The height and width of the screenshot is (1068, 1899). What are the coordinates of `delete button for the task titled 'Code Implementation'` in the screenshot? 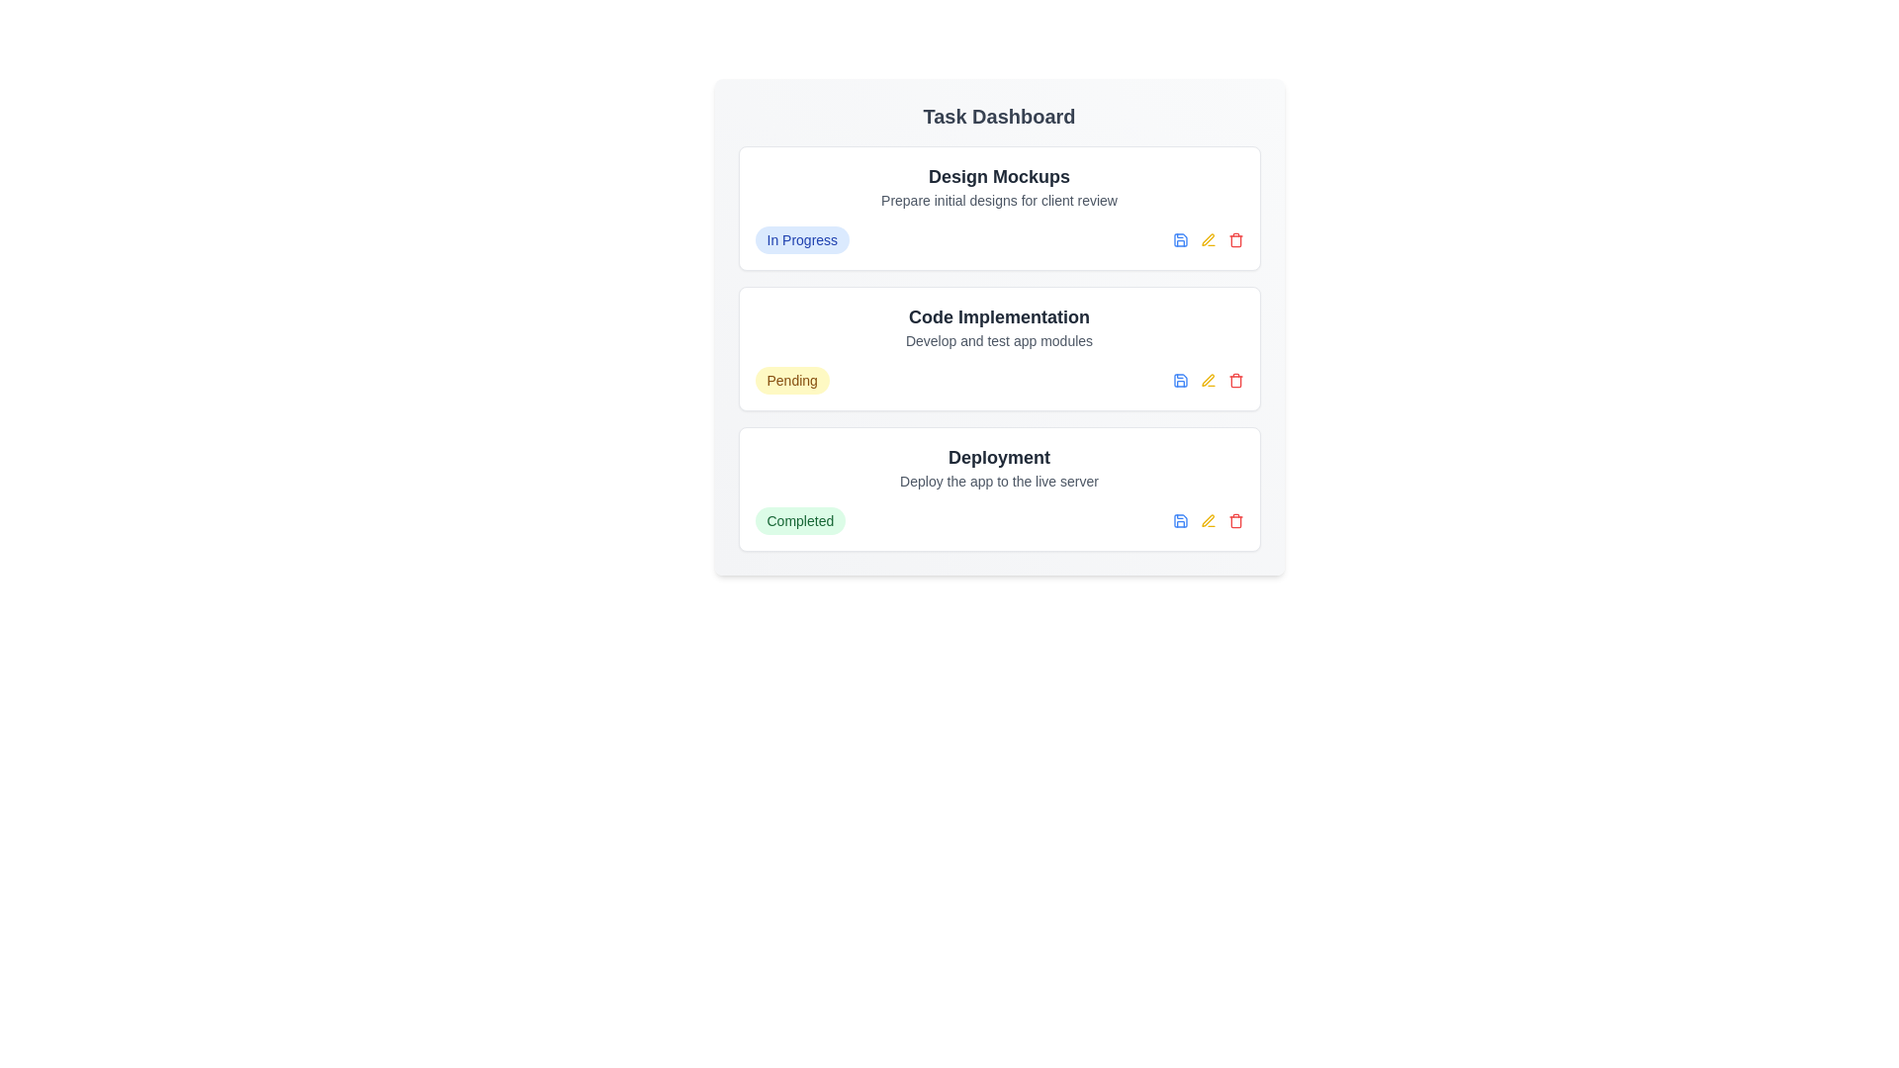 It's located at (1234, 381).